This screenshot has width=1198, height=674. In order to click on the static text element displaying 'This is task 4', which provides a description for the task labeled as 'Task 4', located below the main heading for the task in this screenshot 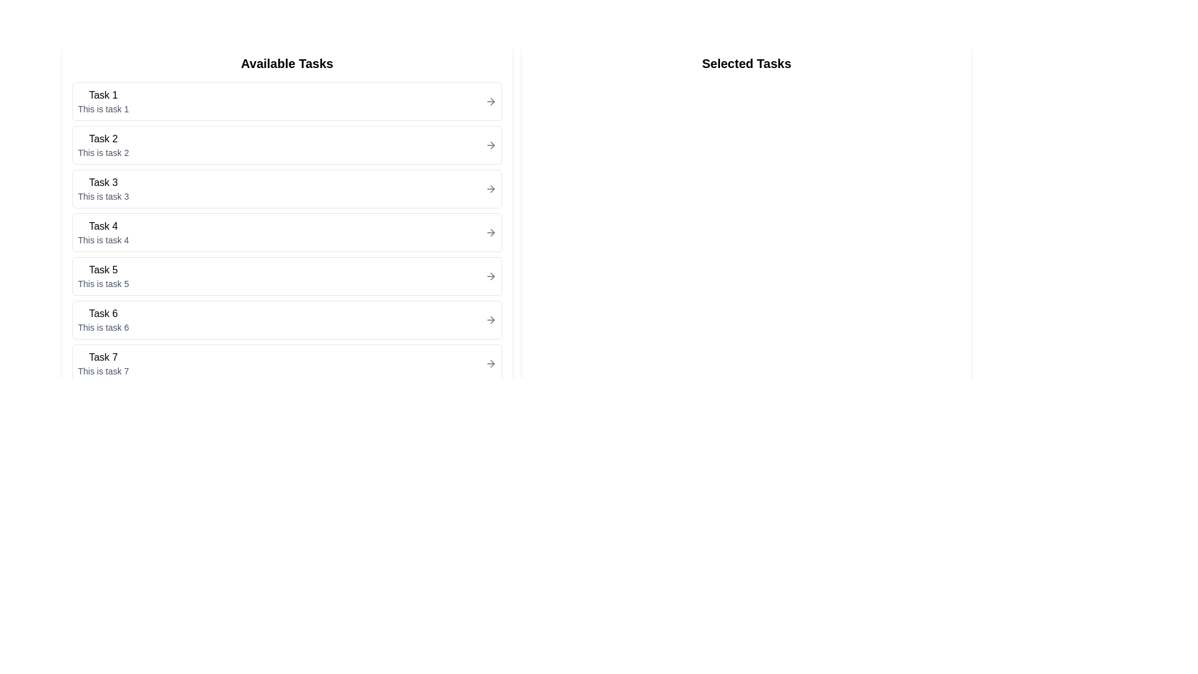, I will do `click(103, 240)`.